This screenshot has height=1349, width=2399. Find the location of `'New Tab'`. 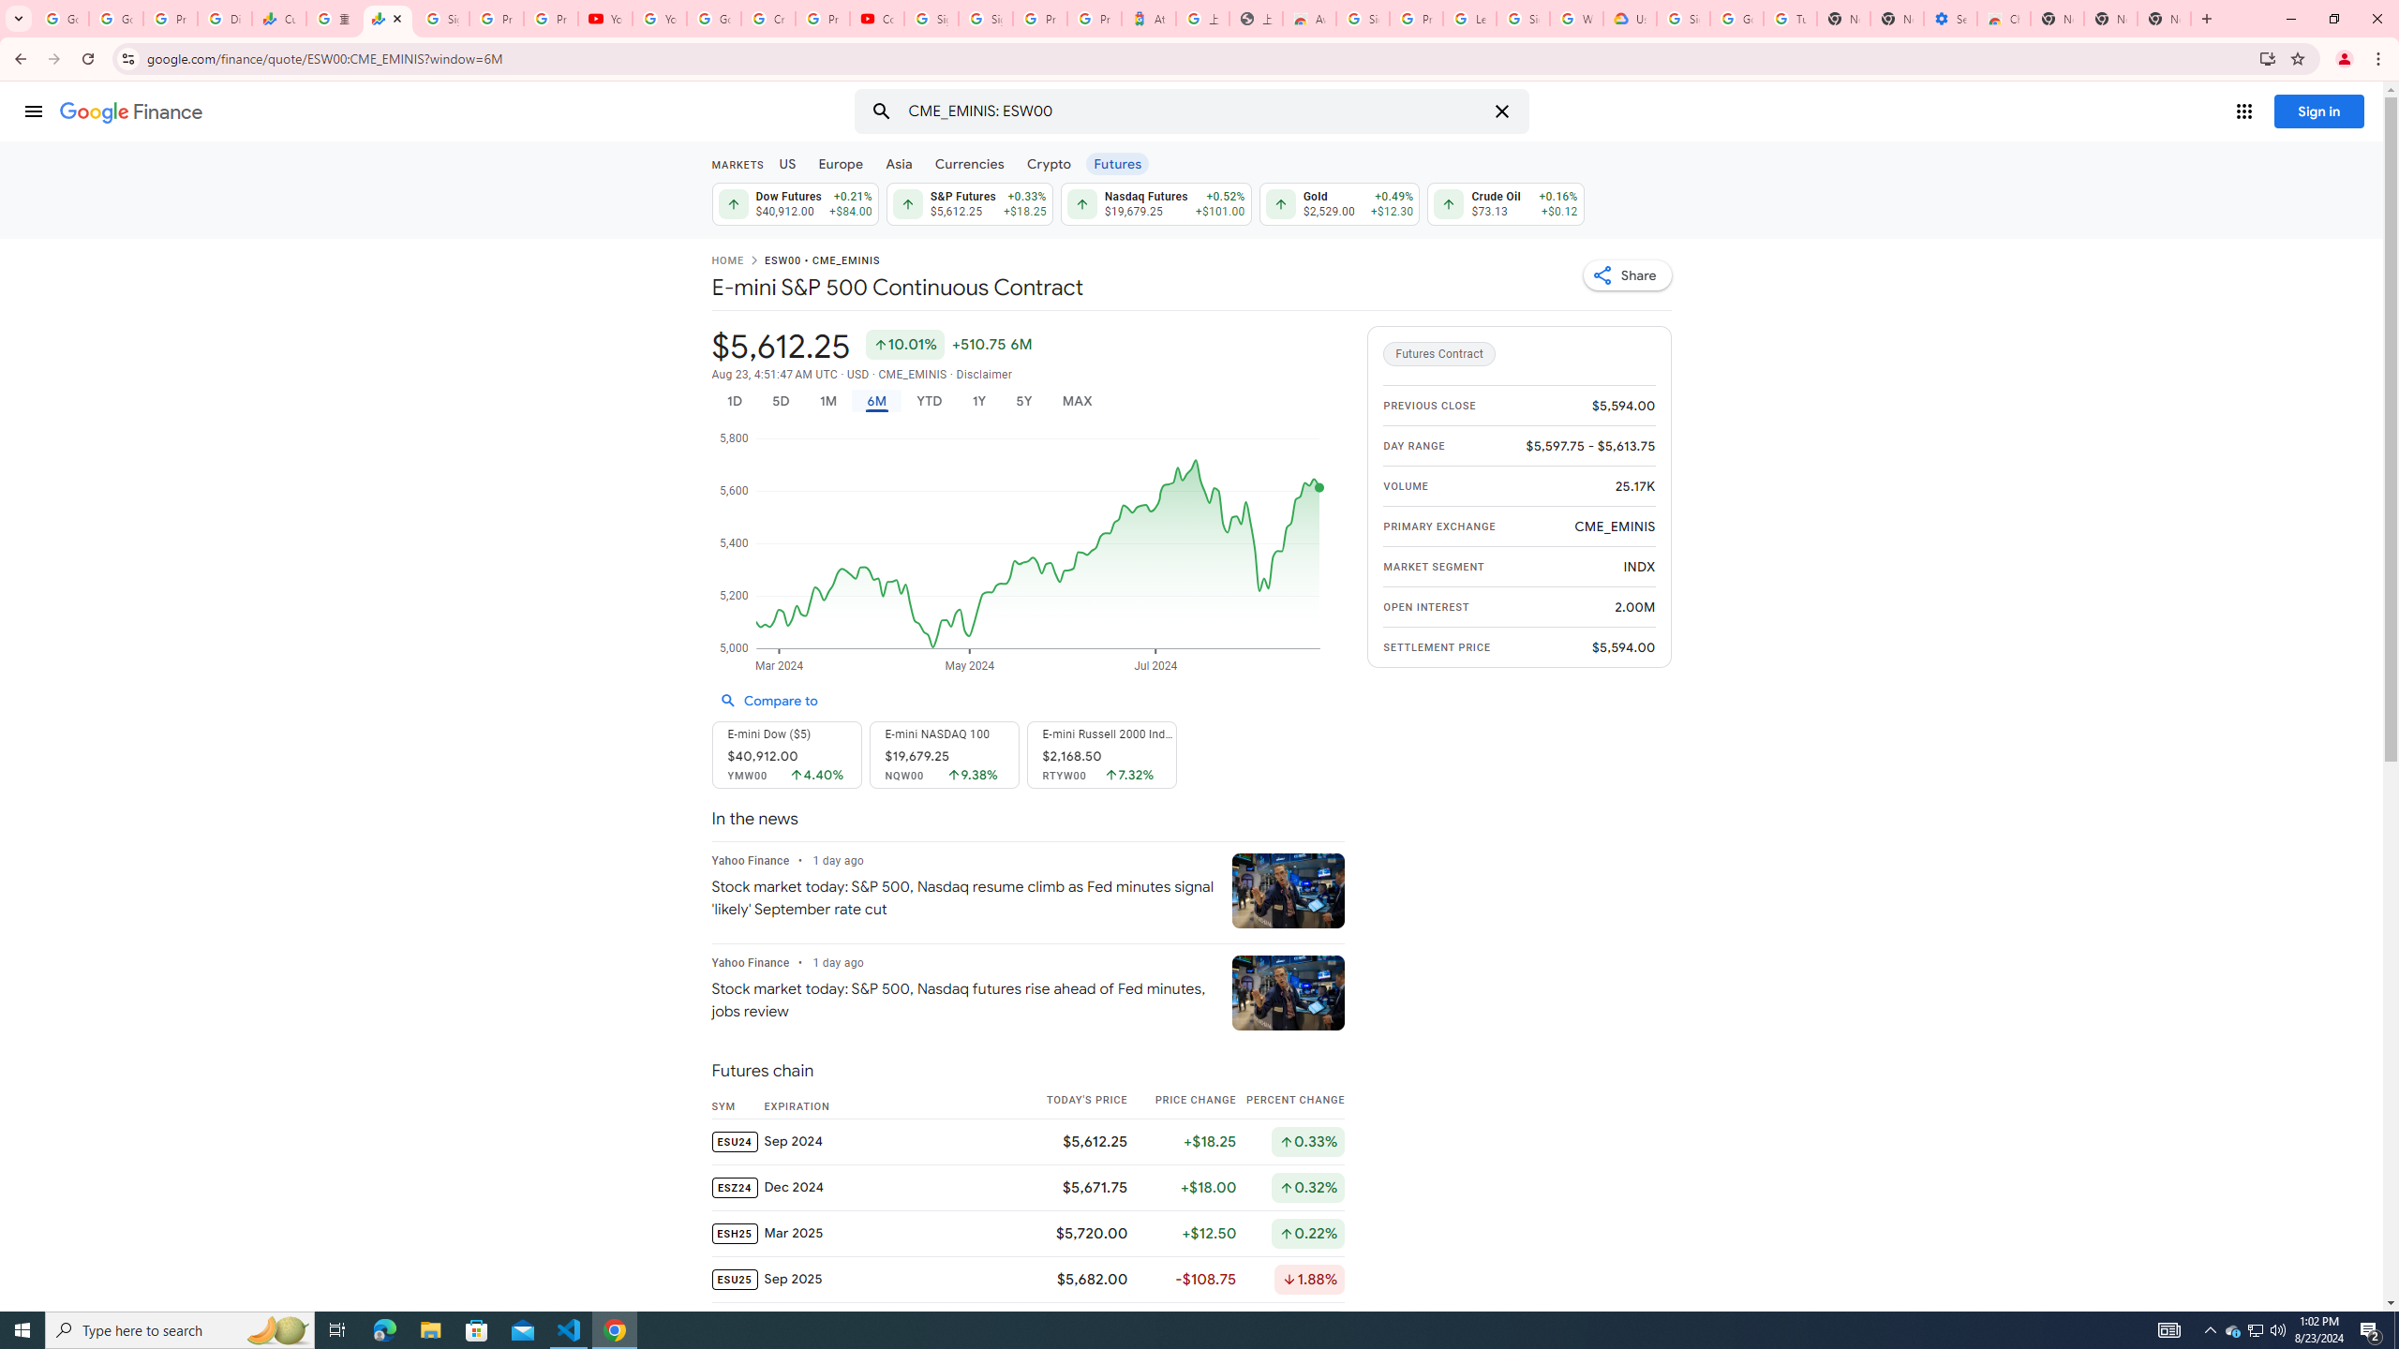

'New Tab' is located at coordinates (2056, 18).